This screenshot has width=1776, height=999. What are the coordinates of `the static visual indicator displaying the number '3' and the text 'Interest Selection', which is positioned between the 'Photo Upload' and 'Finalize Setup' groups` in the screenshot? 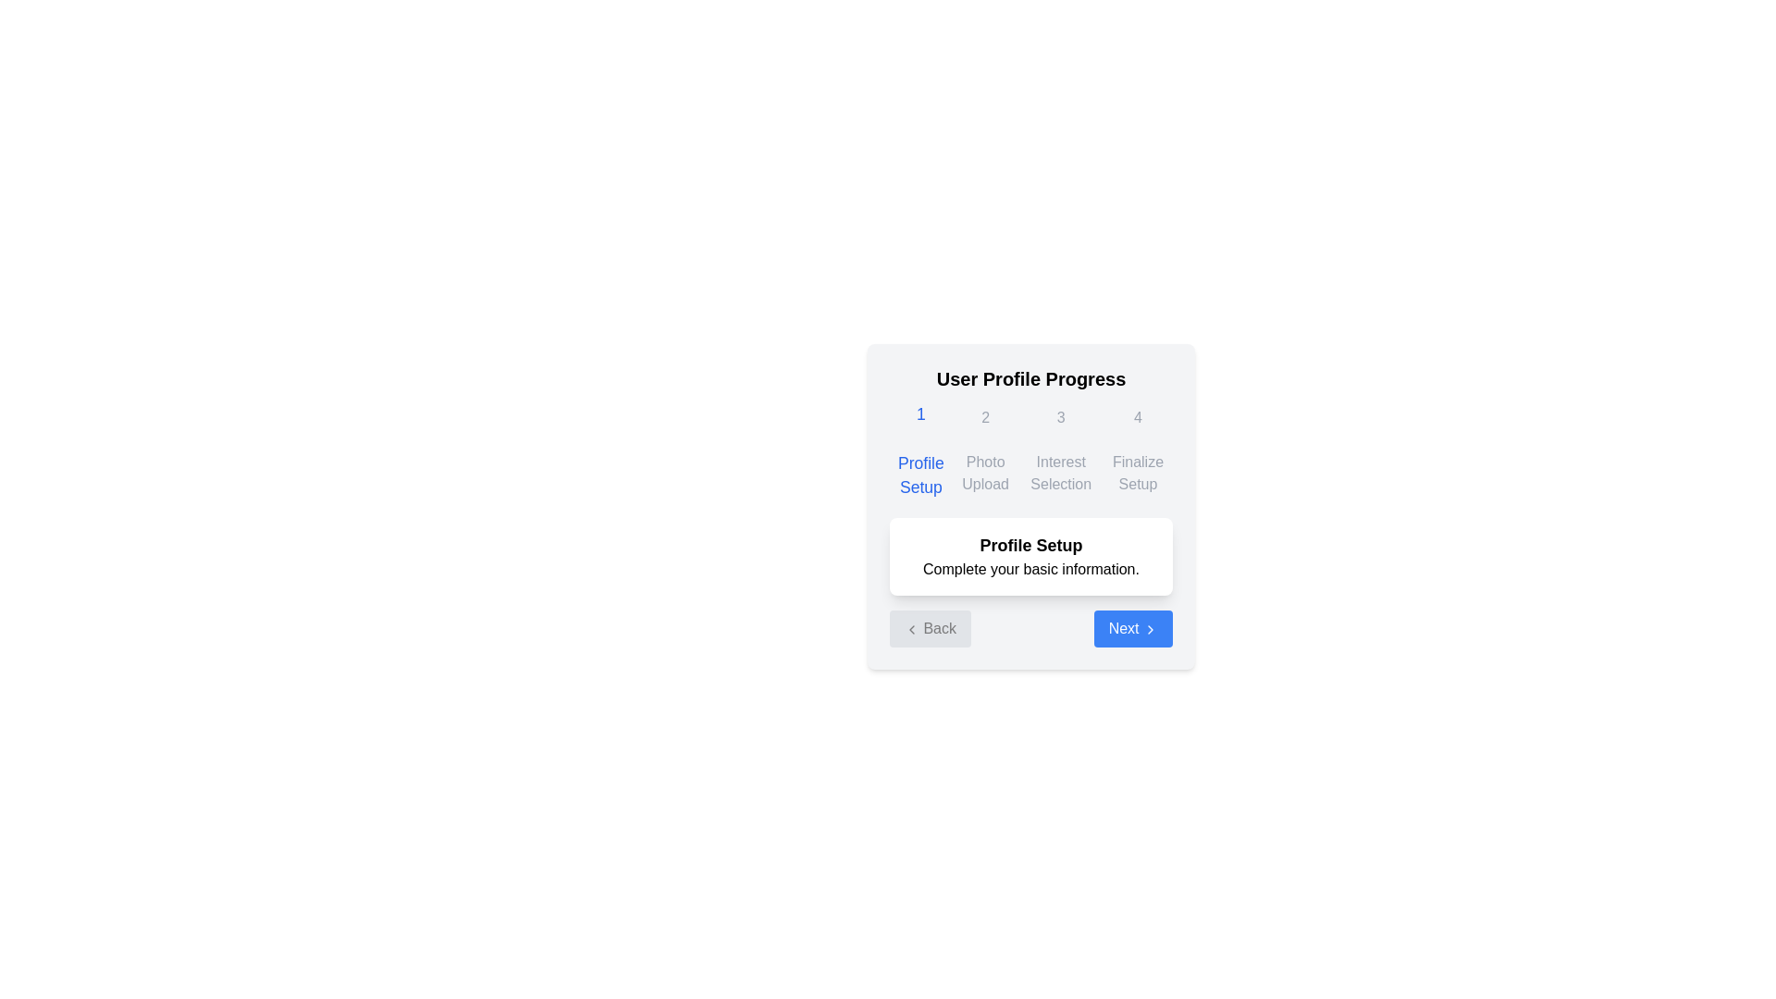 It's located at (1061, 451).